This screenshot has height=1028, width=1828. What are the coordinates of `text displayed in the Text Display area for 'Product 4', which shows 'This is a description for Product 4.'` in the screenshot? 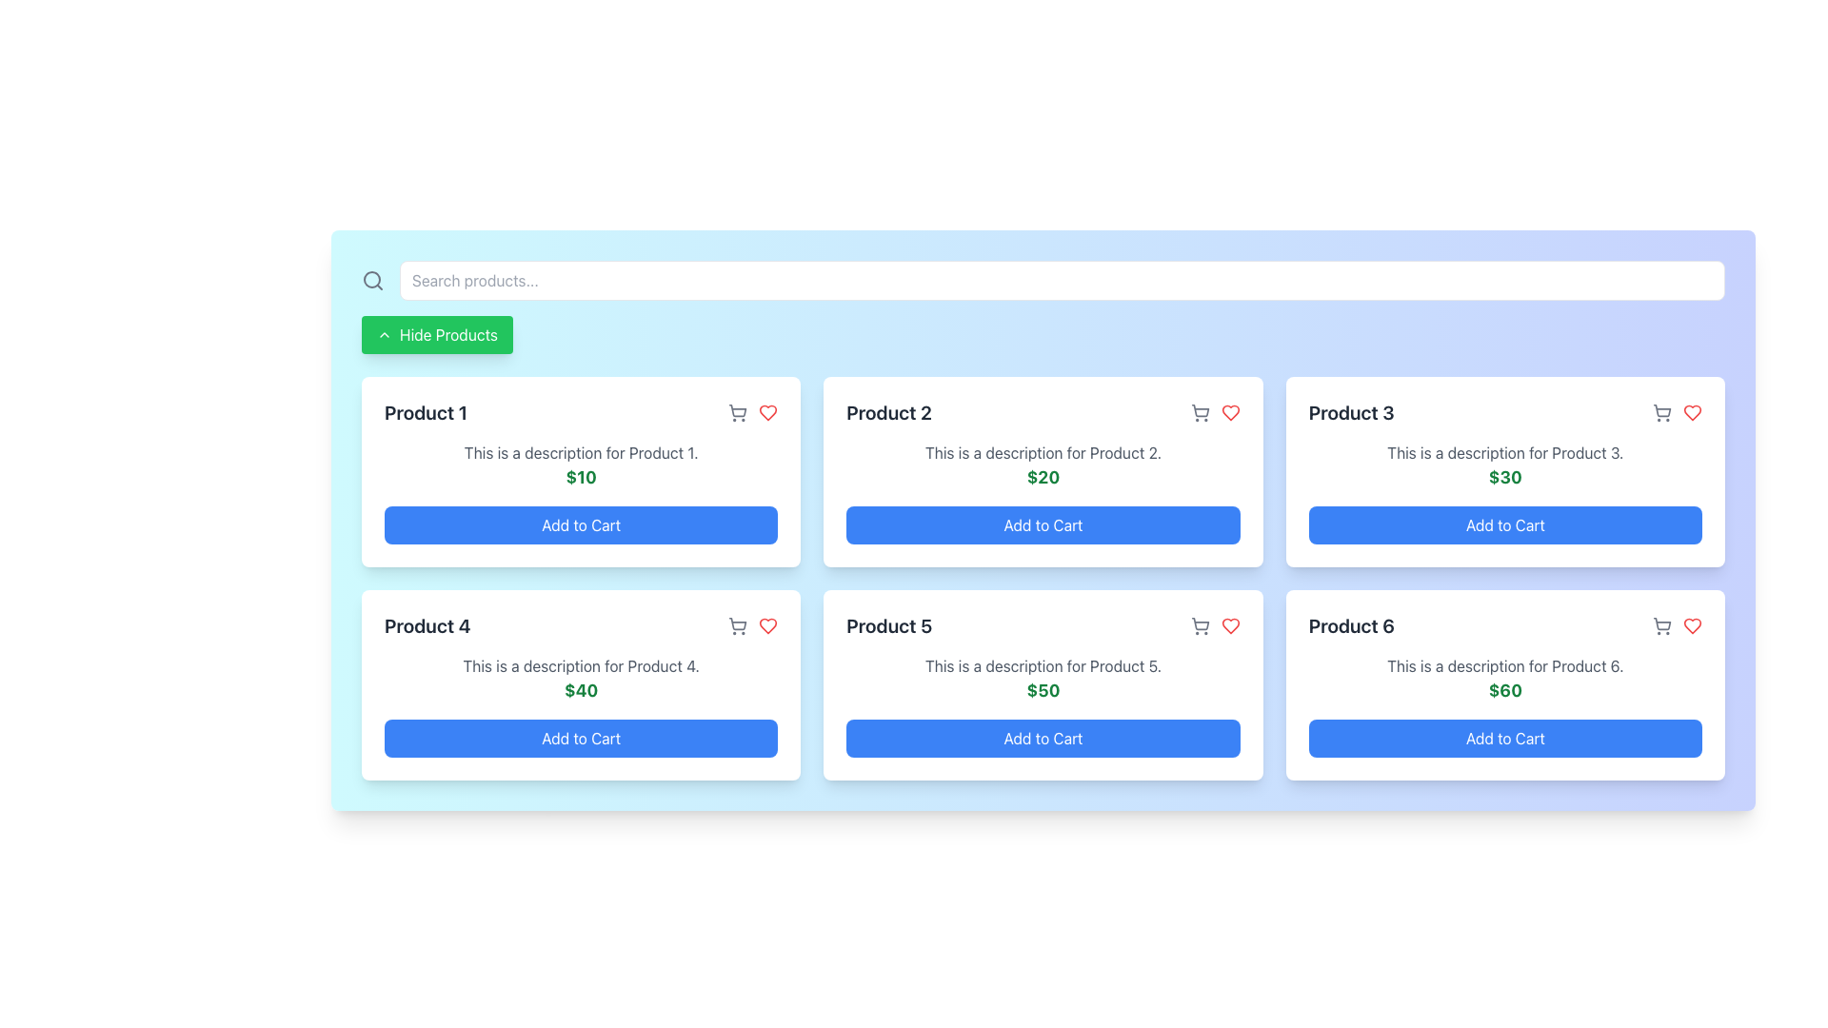 It's located at (580, 664).